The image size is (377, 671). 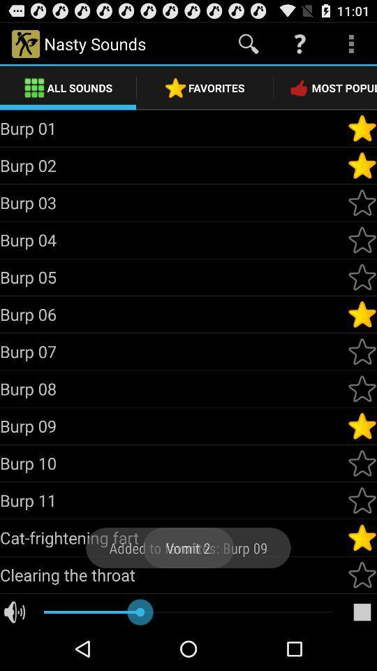 What do you see at coordinates (173, 500) in the screenshot?
I see `the burp 11 icon` at bounding box center [173, 500].